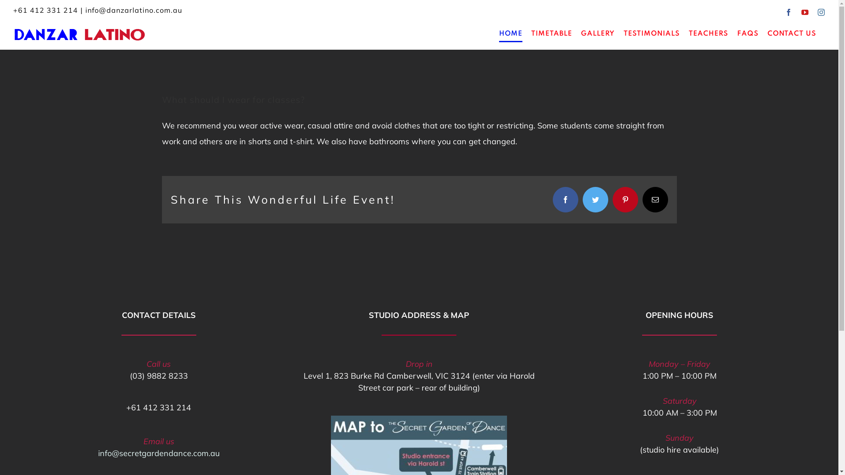  I want to click on 'info@secretgardendance.com.au', so click(98, 453).